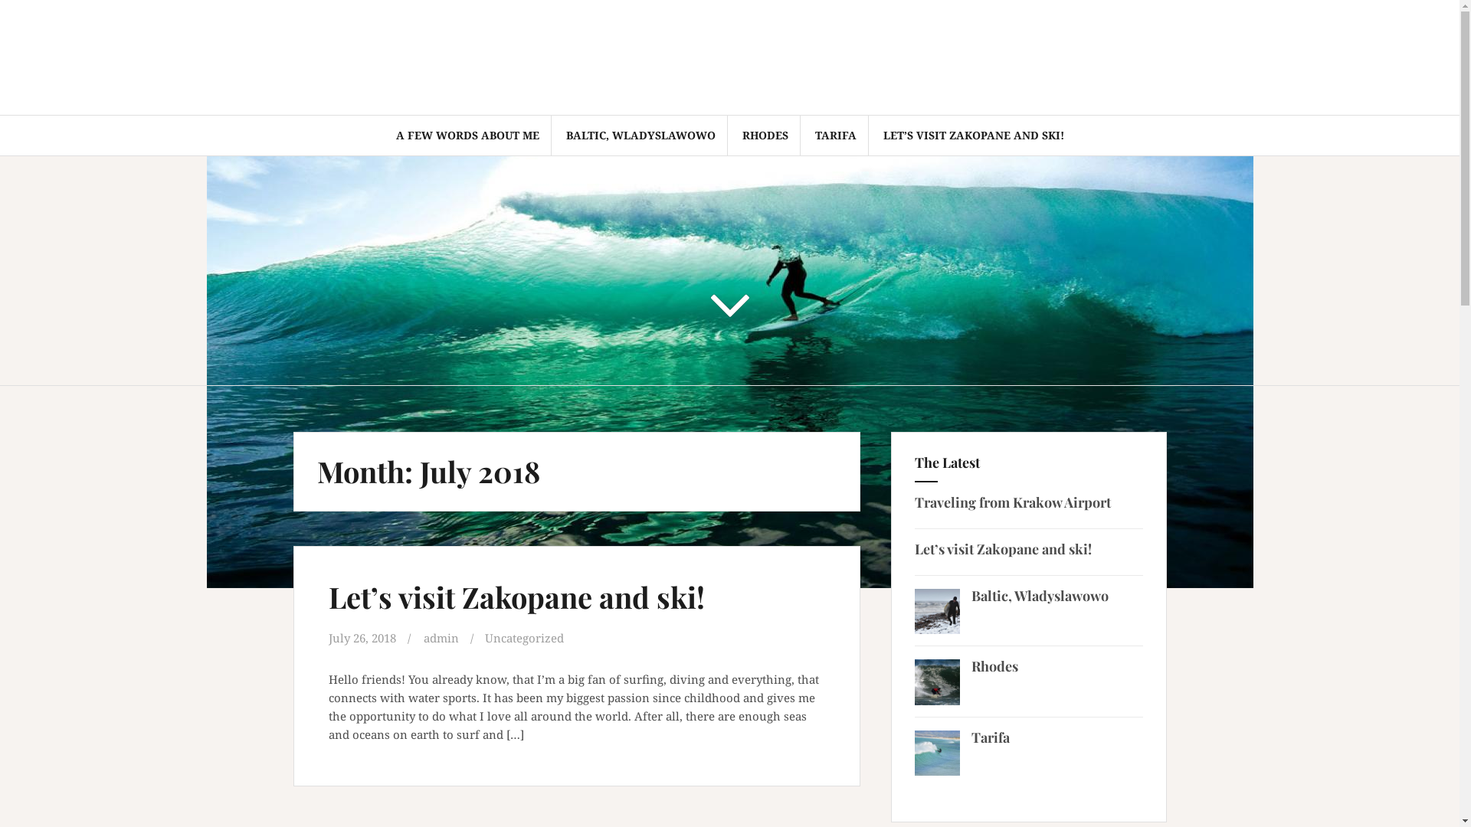 This screenshot has width=1471, height=827. Describe the element at coordinates (990, 737) in the screenshot. I see `'Tarifa'` at that location.